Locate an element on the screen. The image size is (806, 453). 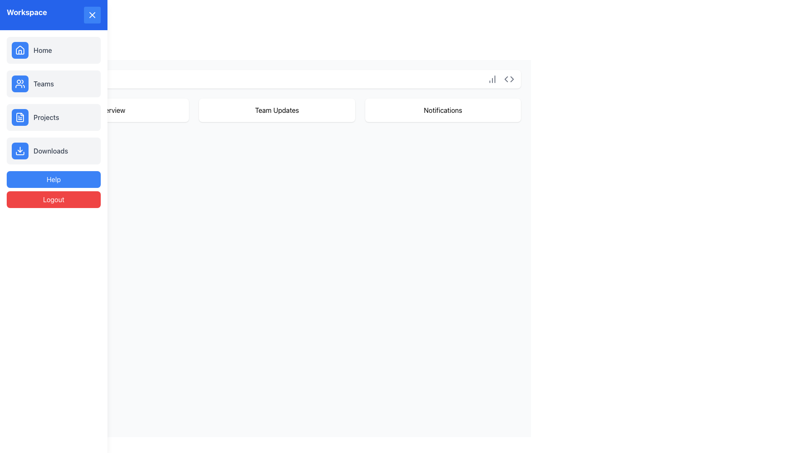
the document icon in the sidebar for keyboard navigation by moving the cursor to its center point is located at coordinates (20, 117).